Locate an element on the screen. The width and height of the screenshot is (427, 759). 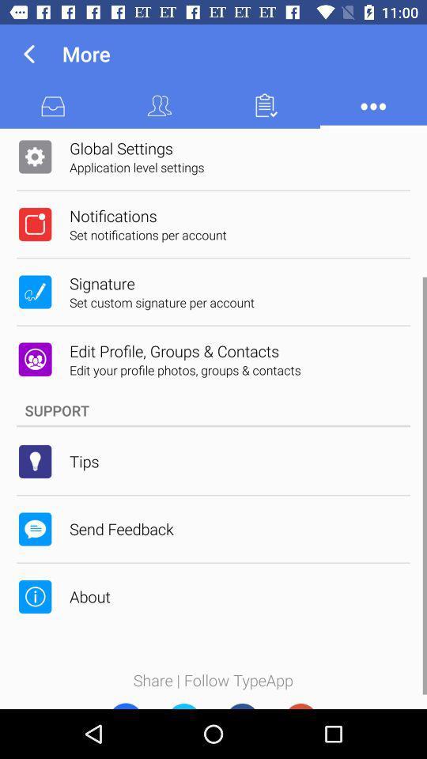
the set custom signature item is located at coordinates (161, 301).